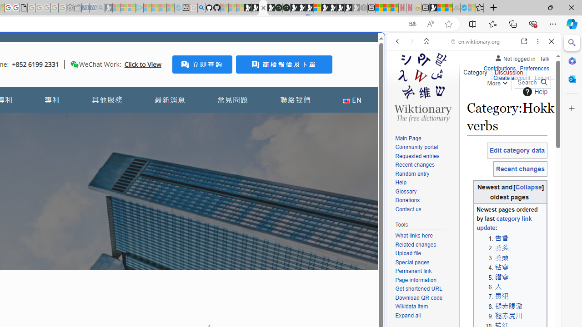 The height and width of the screenshot is (327, 582). Describe the element at coordinates (475, 70) in the screenshot. I see `'Category'` at that location.